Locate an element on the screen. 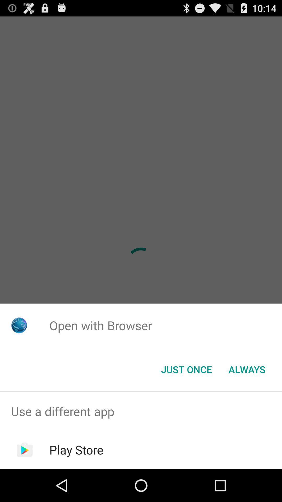 Image resolution: width=282 pixels, height=502 pixels. use a different item is located at coordinates (141, 411).